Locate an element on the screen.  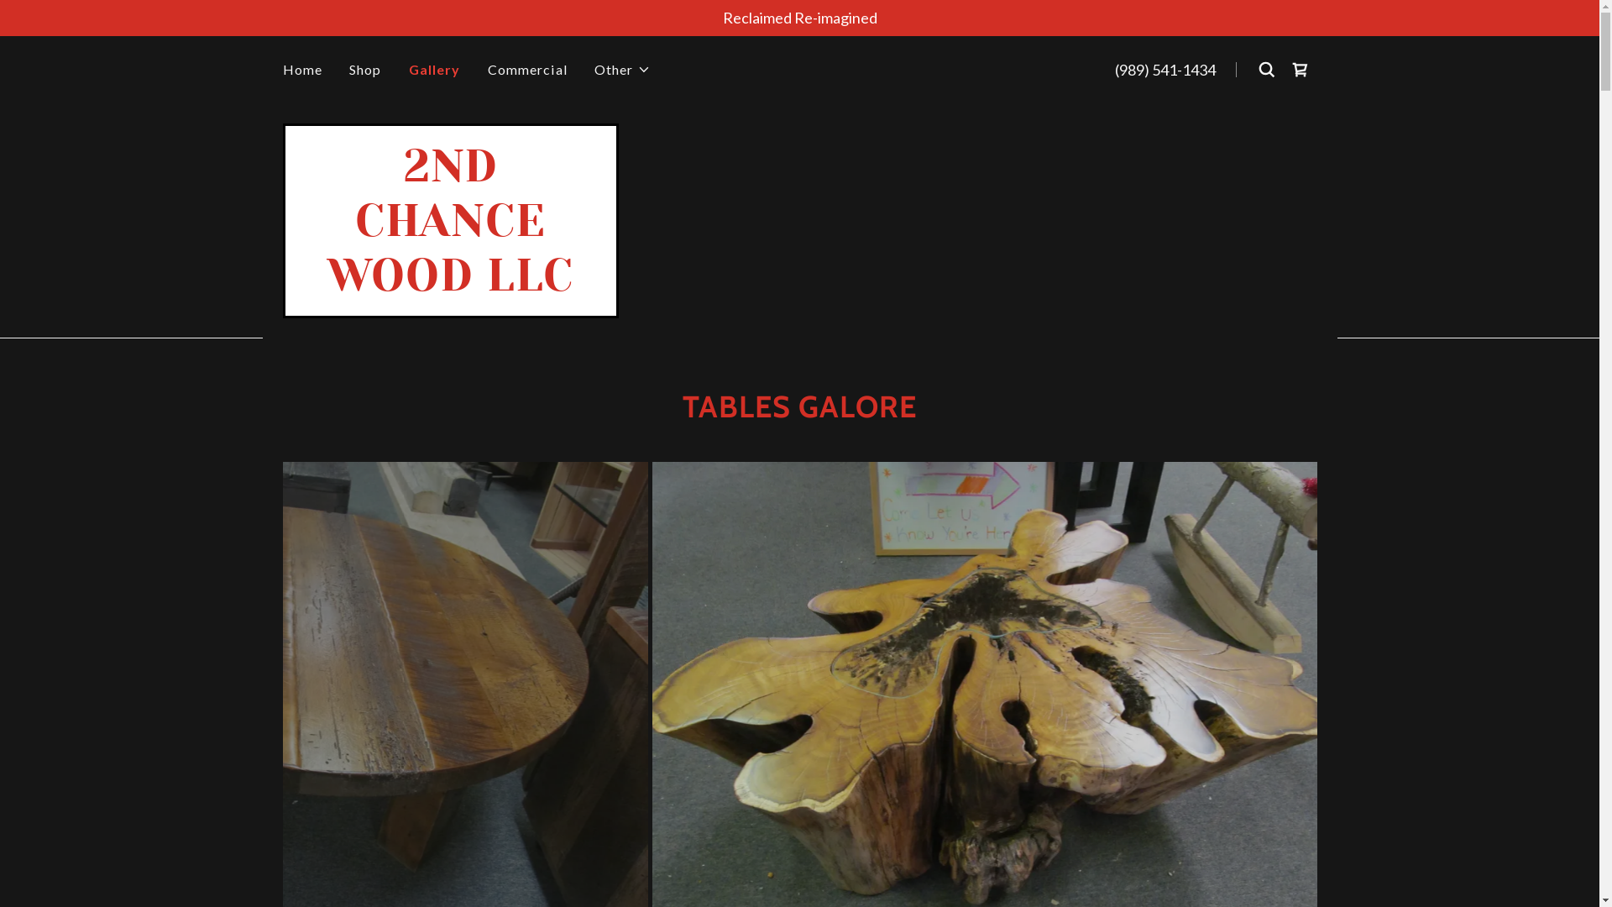
'Other' is located at coordinates (594, 69).